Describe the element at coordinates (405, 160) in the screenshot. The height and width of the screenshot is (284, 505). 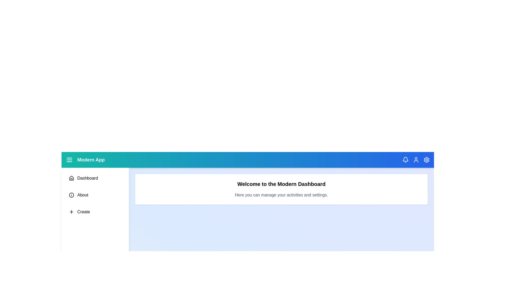
I see `the interactive element notification_icon to observe visual feedback` at that location.